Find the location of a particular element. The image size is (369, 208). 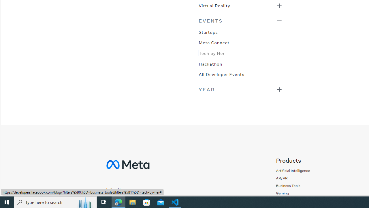

'Business Tools' is located at coordinates (288, 185).